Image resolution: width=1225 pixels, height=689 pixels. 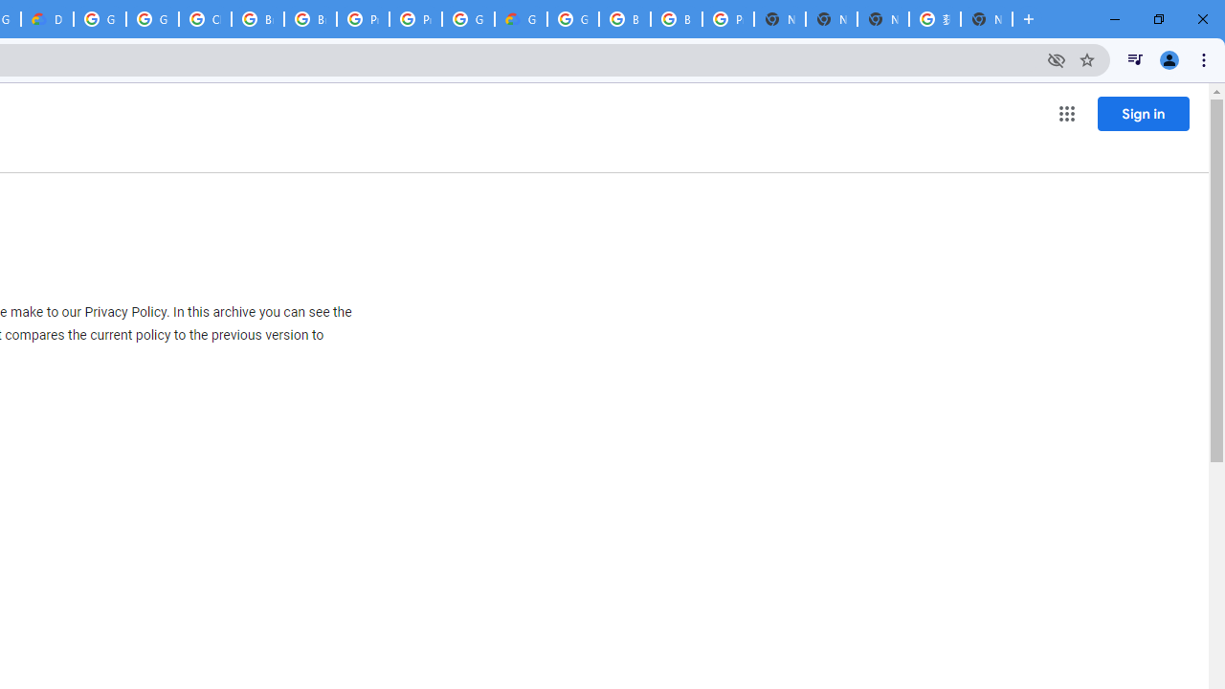 What do you see at coordinates (468, 19) in the screenshot?
I see `'Google Cloud Platform'` at bounding box center [468, 19].